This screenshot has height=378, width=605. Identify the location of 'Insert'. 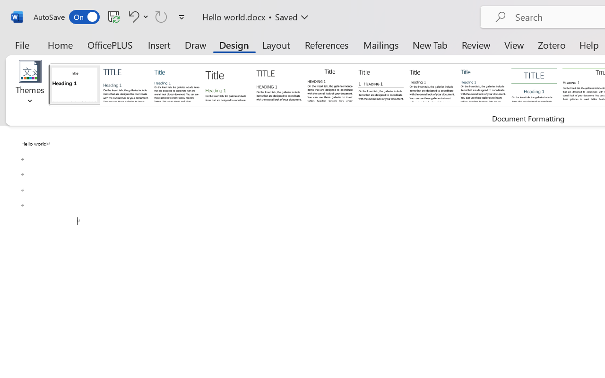
(159, 44).